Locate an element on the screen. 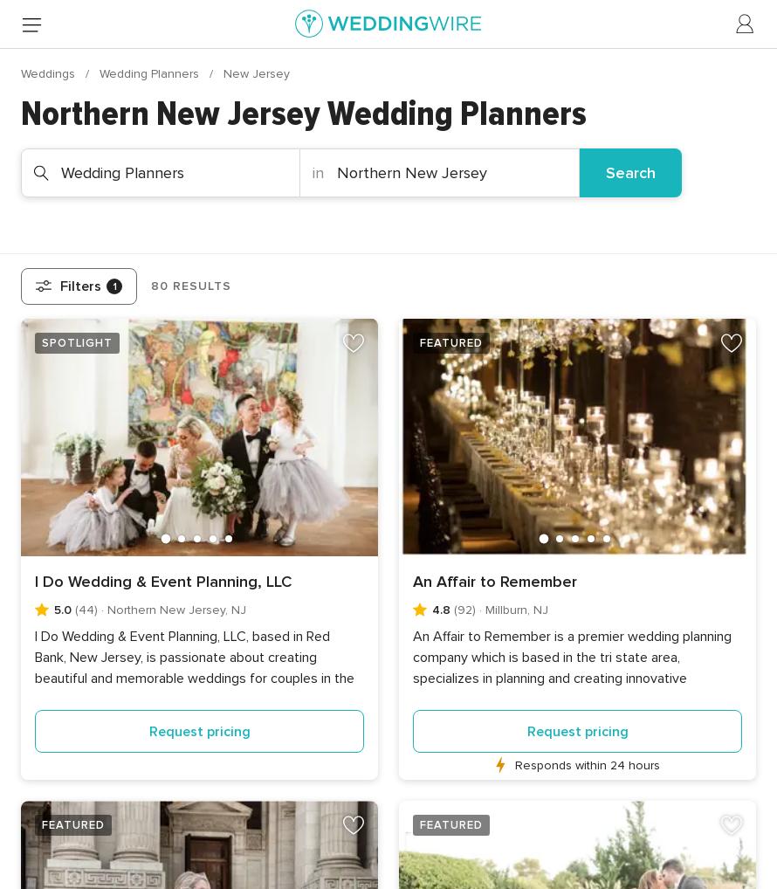 The width and height of the screenshot is (777, 889). 'Northern New Jersey Wedding Planners' is located at coordinates (303, 112).